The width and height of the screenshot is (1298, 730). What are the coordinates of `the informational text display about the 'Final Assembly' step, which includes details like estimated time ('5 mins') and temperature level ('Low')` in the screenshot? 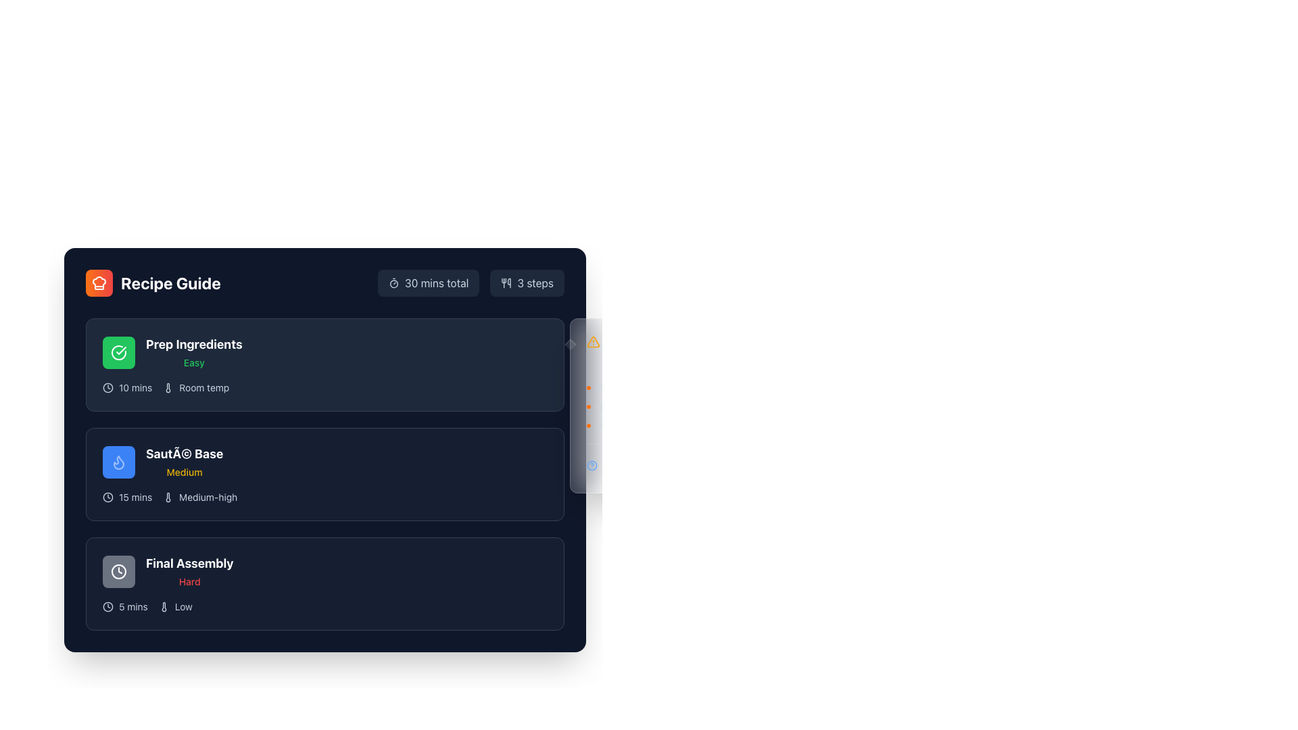 It's located at (324, 606).